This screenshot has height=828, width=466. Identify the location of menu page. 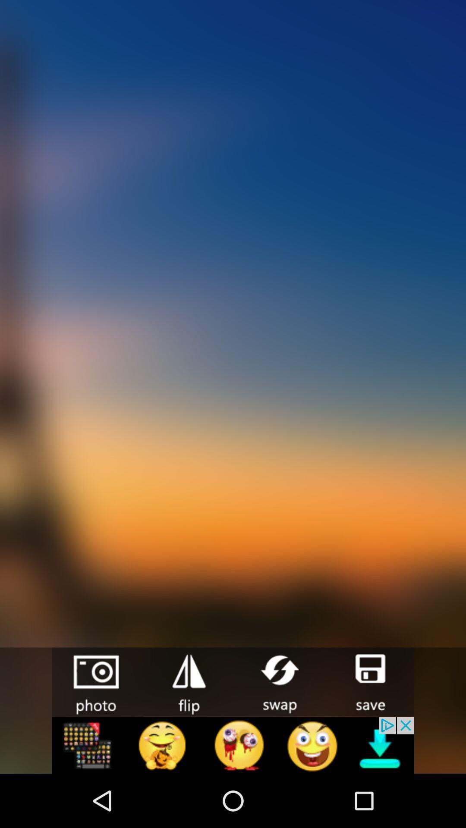
(233, 745).